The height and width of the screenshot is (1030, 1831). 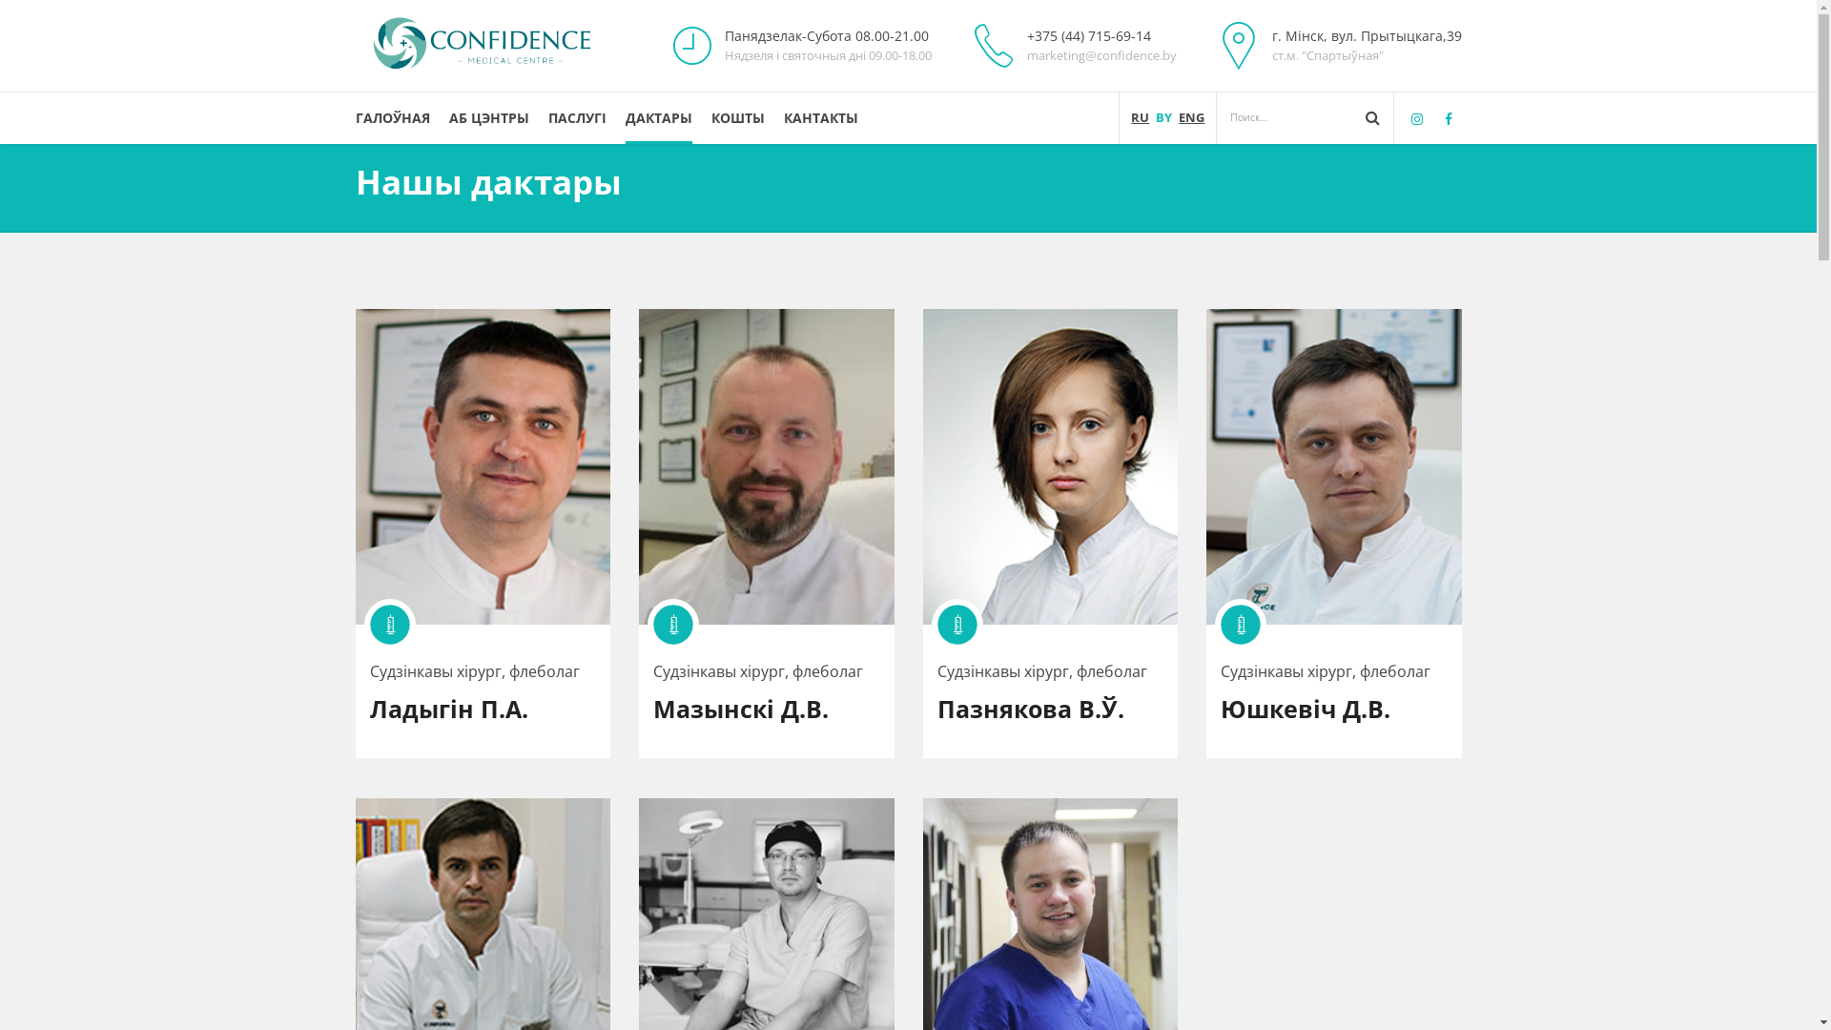 I want to click on 'RU', so click(x=1140, y=117).